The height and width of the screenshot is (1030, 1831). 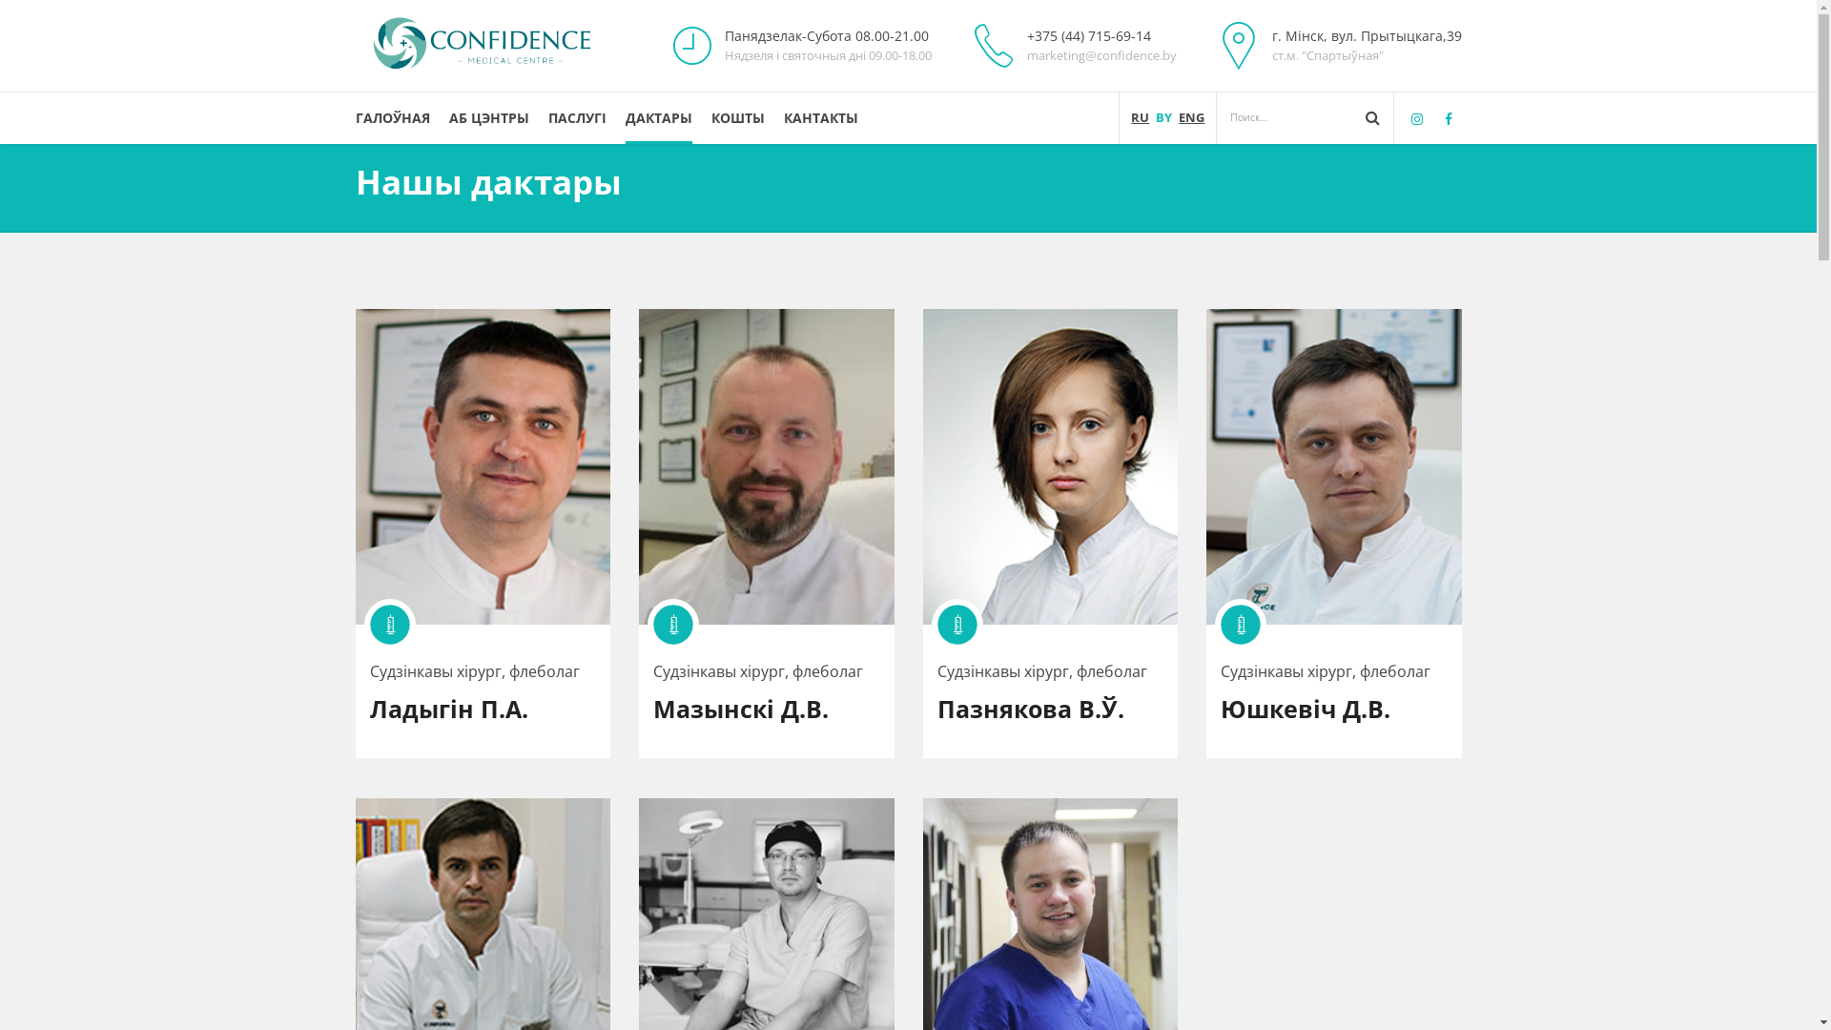 I want to click on 'RU', so click(x=1140, y=117).